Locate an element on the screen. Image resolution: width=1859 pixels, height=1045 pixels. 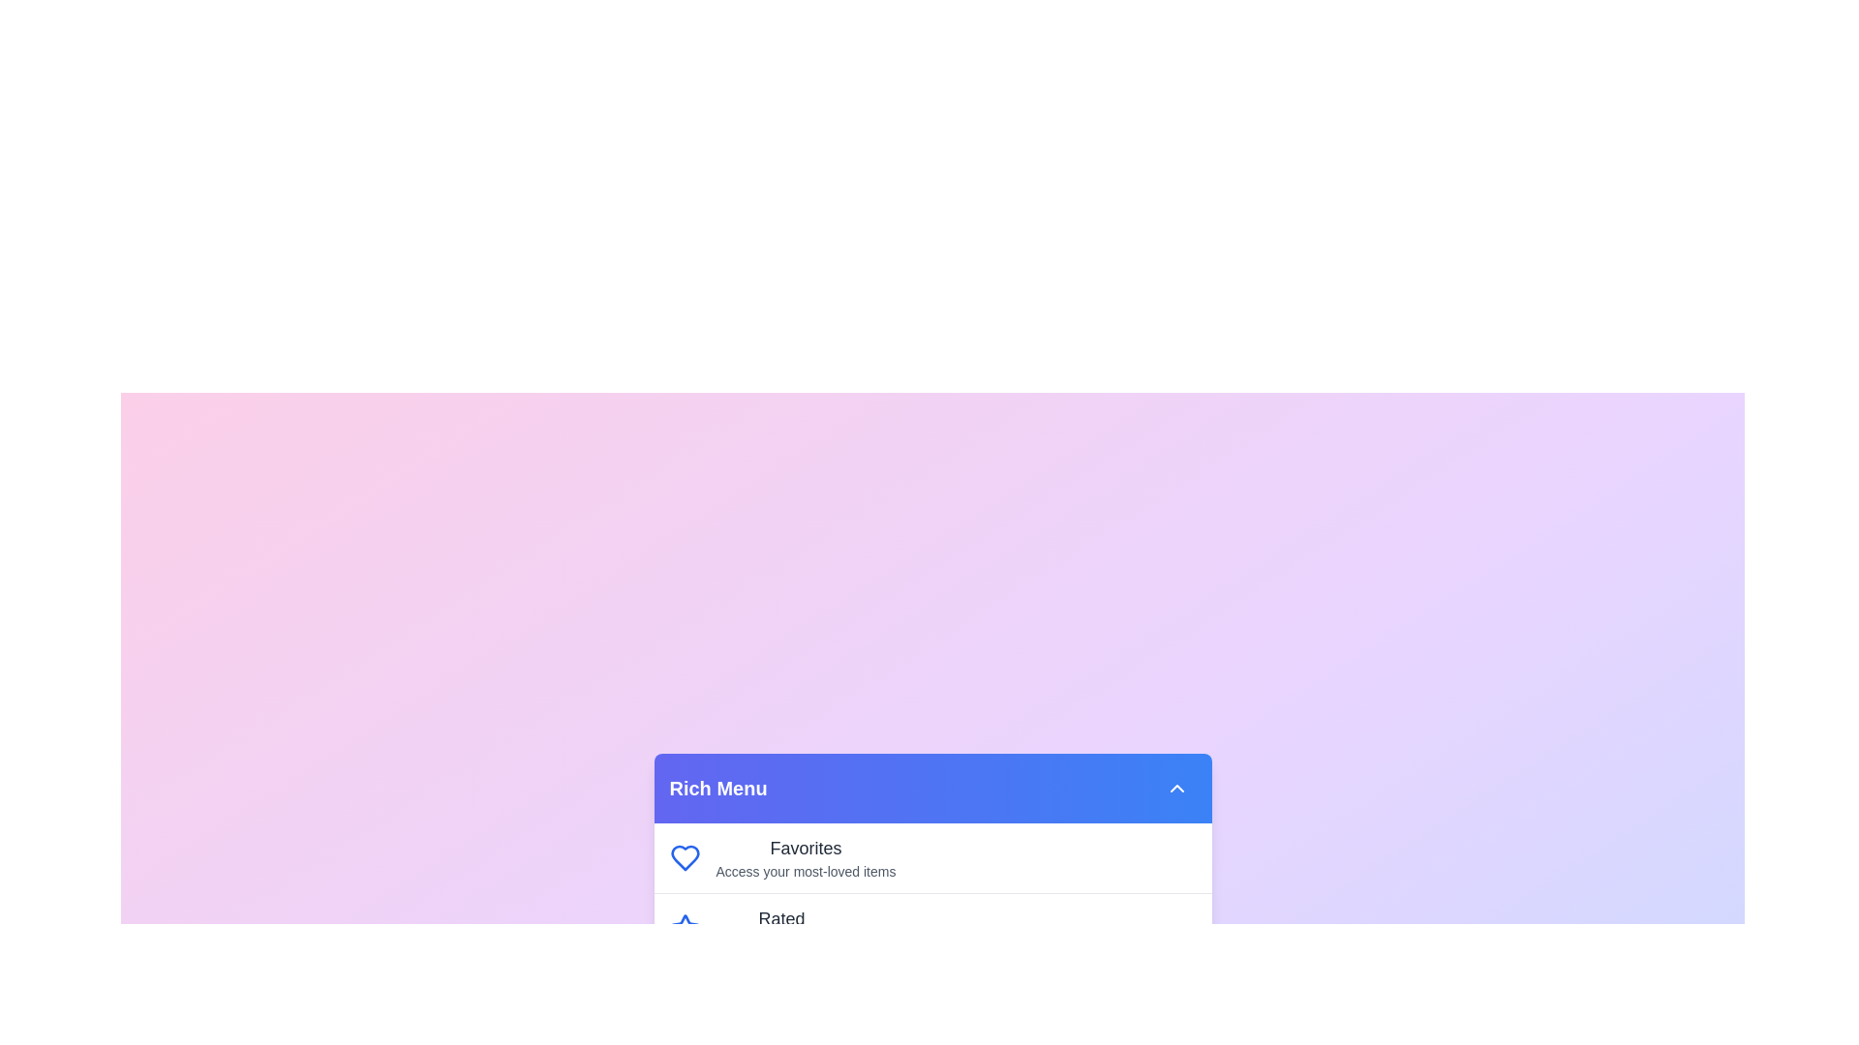
the menu item Rated to highlight it is located at coordinates (781, 917).